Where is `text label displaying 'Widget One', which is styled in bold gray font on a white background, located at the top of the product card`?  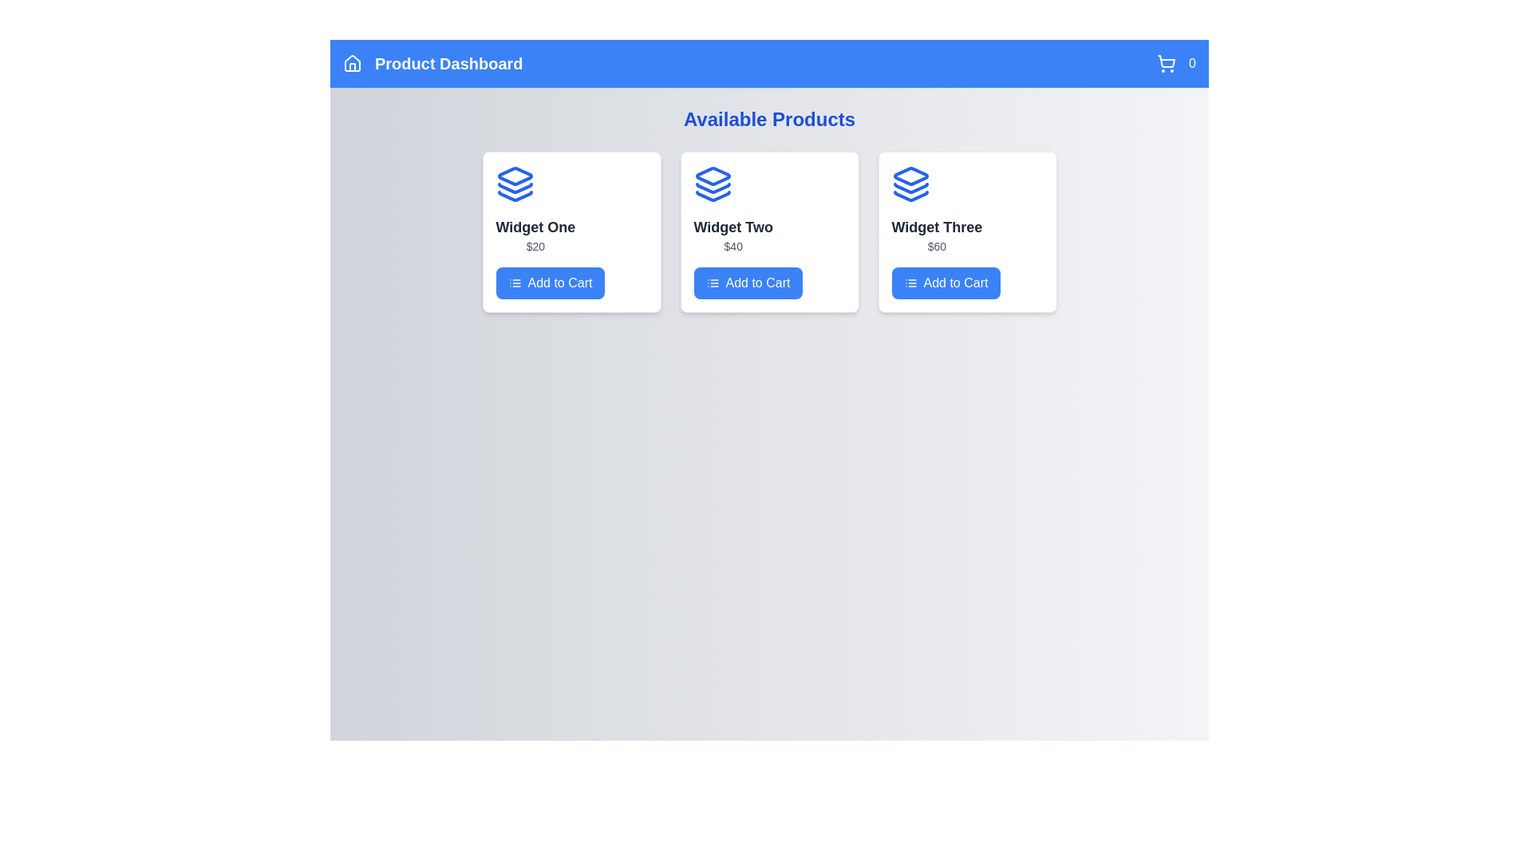 text label displaying 'Widget One', which is styled in bold gray font on a white background, located at the top of the product card is located at coordinates (535, 227).